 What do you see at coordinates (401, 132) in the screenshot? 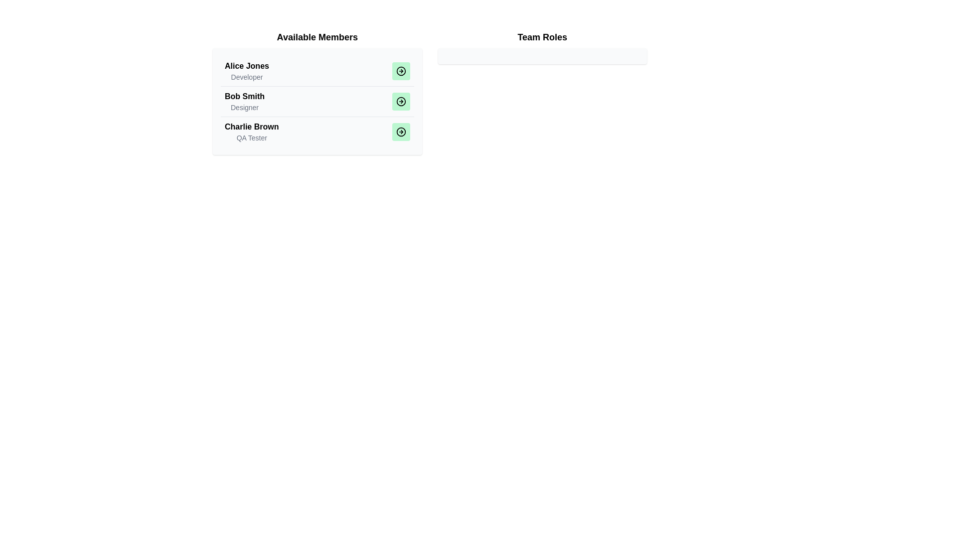
I see `the button corresponding to Charlie Brown` at bounding box center [401, 132].